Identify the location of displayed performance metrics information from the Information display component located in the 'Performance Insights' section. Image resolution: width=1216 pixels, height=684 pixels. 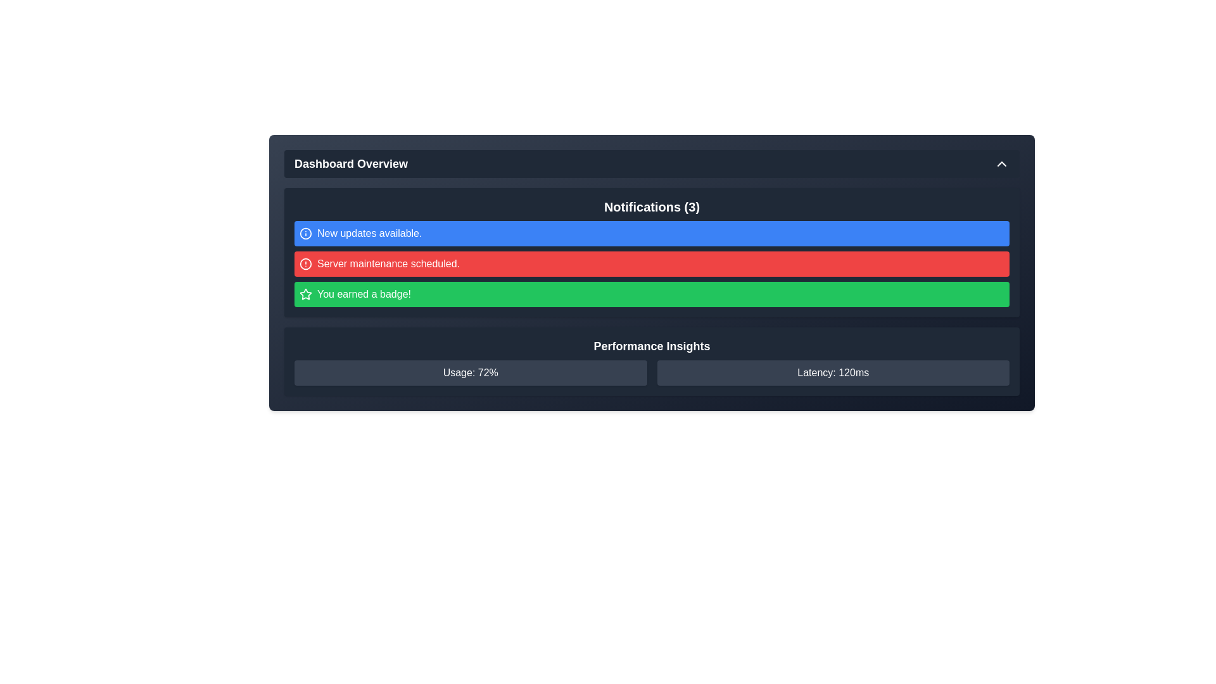
(652, 372).